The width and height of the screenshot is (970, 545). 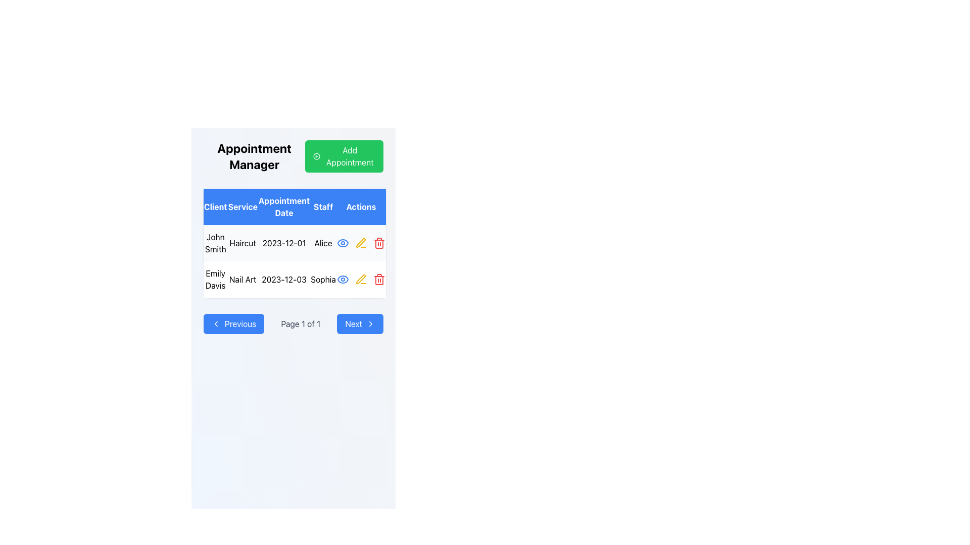 What do you see at coordinates (361, 243) in the screenshot?
I see `the yellow outline pen icon in the second row of the 'Actions' column of the table` at bounding box center [361, 243].